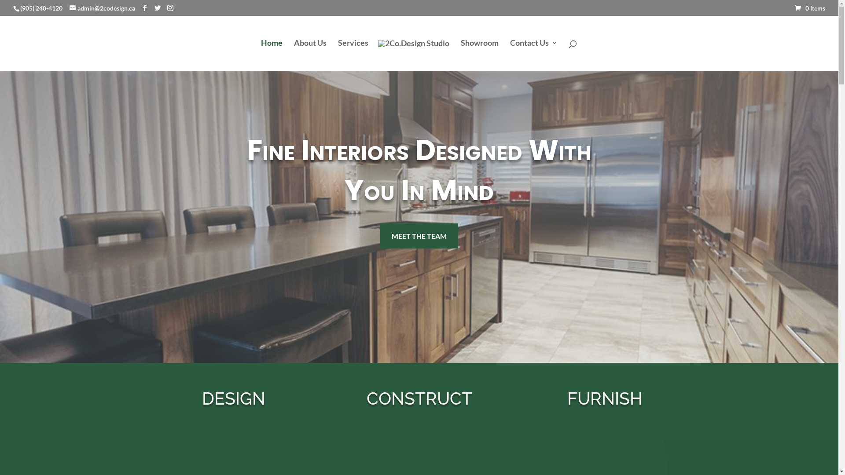  What do you see at coordinates (419, 235) in the screenshot?
I see `'MEET THE TEAM'` at bounding box center [419, 235].